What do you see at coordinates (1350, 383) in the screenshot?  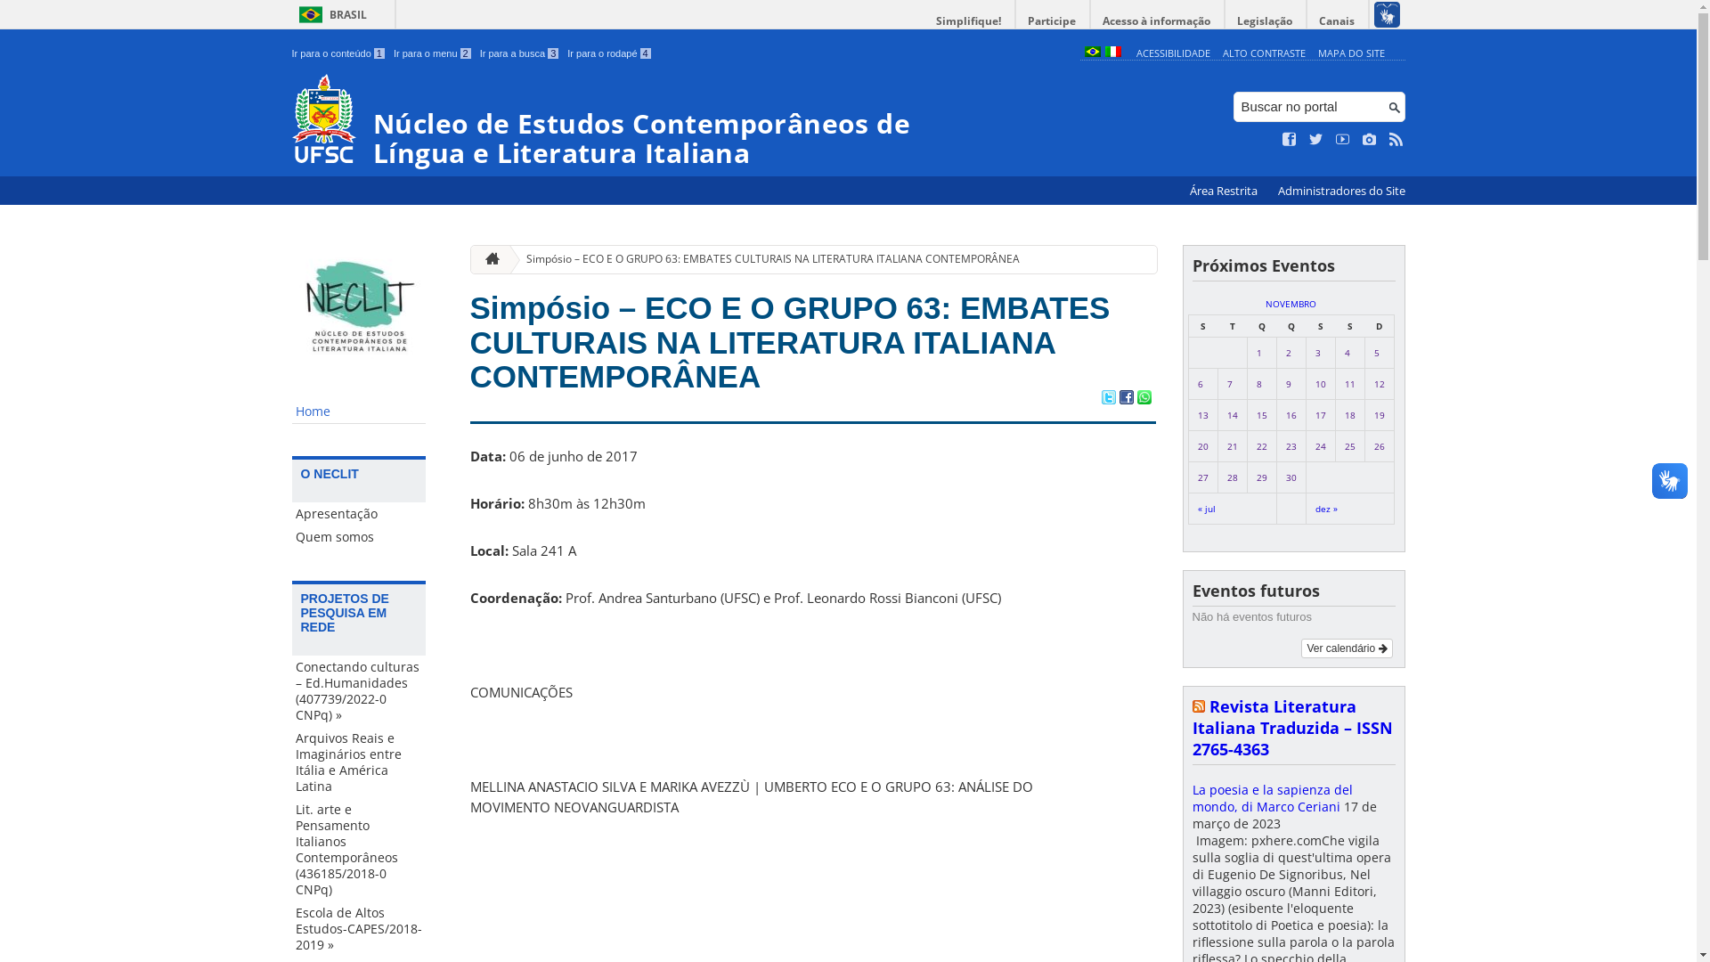 I see `'11'` at bounding box center [1350, 383].